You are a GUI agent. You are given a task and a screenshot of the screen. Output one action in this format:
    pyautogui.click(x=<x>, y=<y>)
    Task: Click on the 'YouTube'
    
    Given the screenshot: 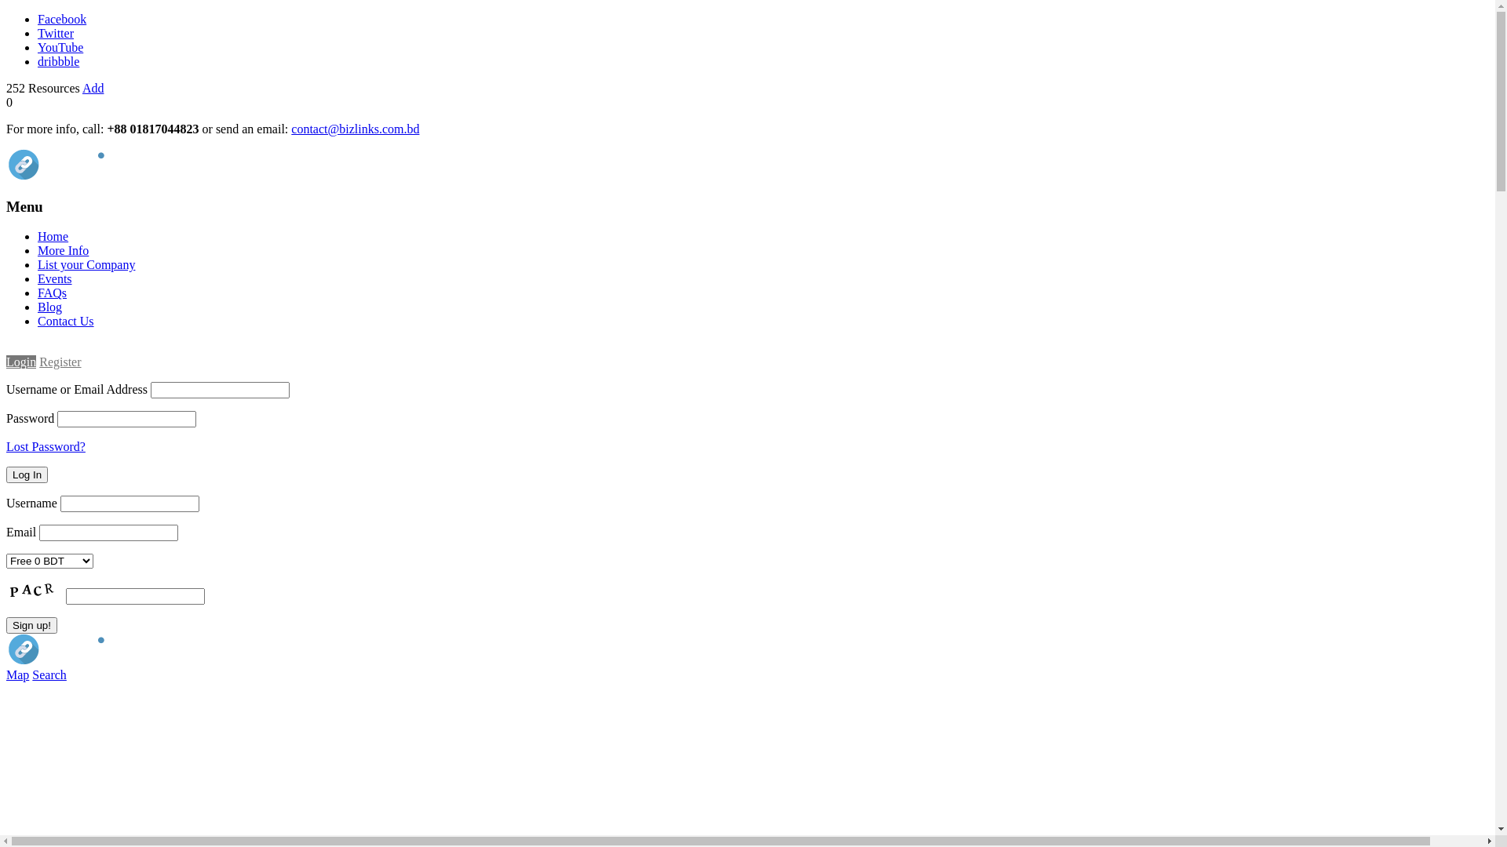 What is the action you would take?
    pyautogui.click(x=60, y=46)
    